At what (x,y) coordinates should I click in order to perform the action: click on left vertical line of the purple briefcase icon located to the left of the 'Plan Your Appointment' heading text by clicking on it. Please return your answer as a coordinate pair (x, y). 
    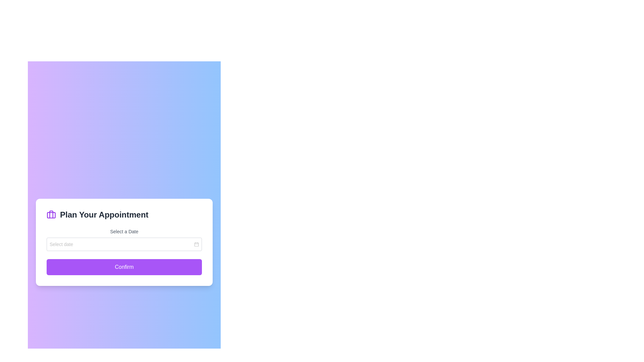
    Looking at the image, I should click on (51, 214).